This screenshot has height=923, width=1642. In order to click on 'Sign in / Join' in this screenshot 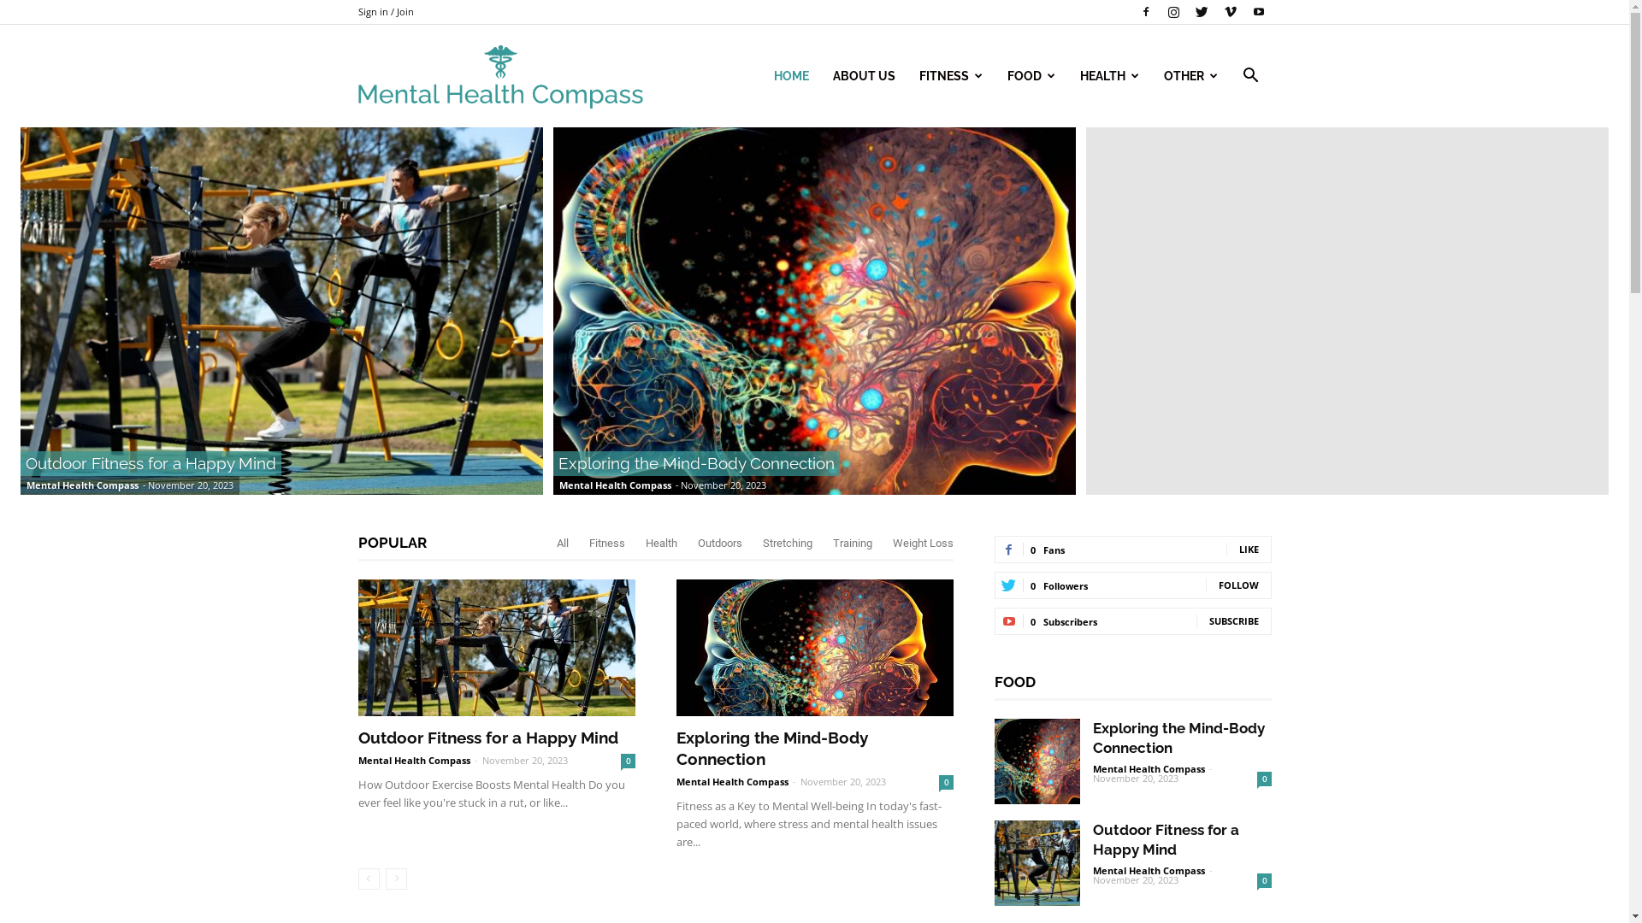, I will do `click(356, 11)`.